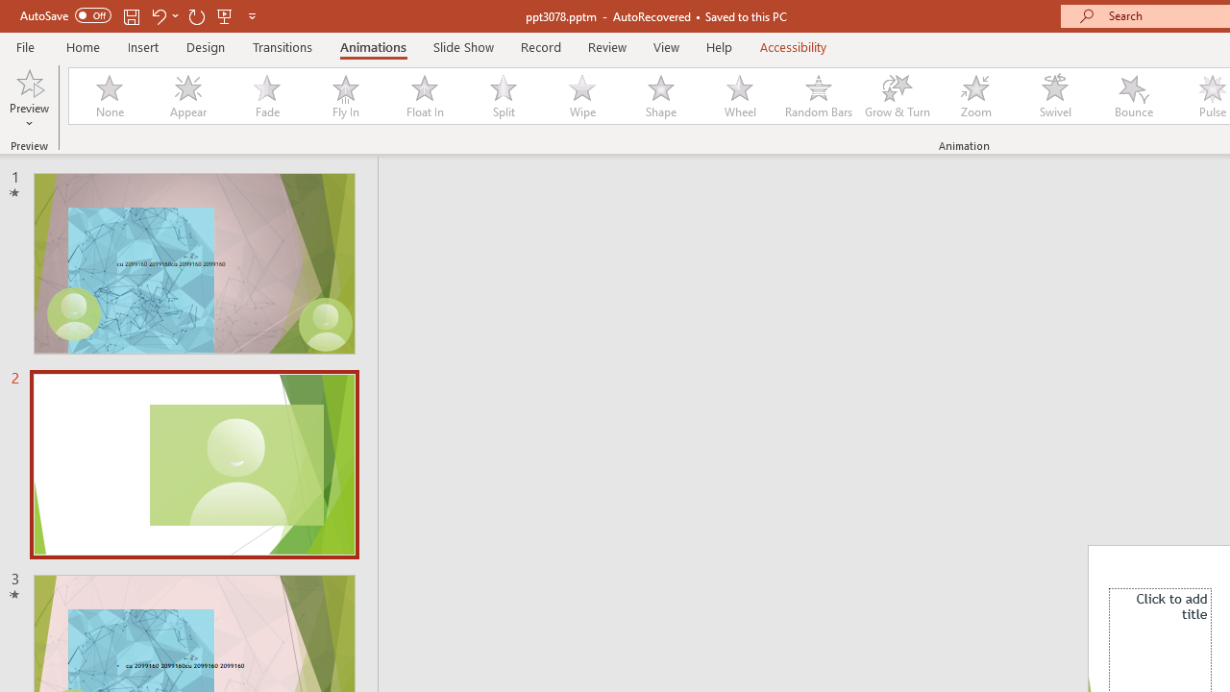 Image resolution: width=1230 pixels, height=692 pixels. Describe the element at coordinates (345, 96) in the screenshot. I see `'Fly In'` at that location.